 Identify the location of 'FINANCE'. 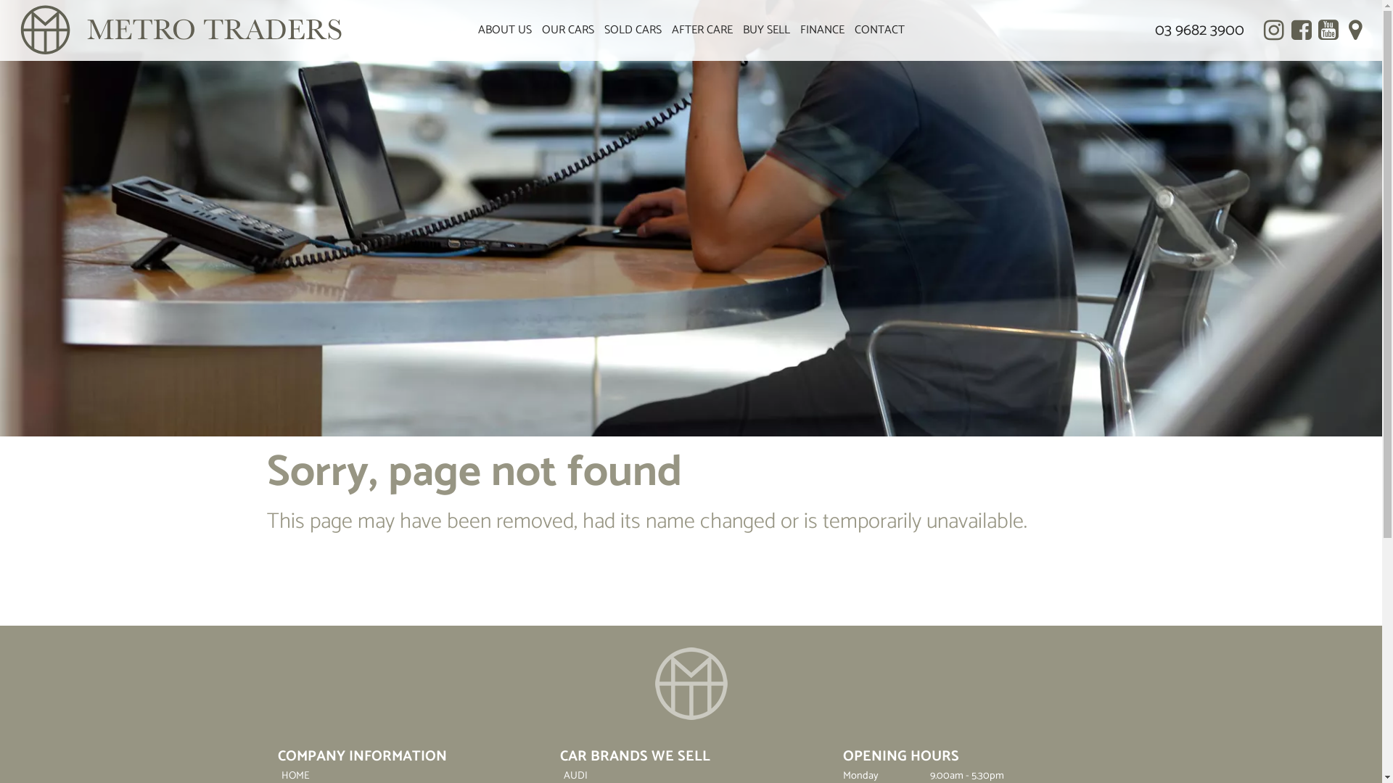
(794, 30).